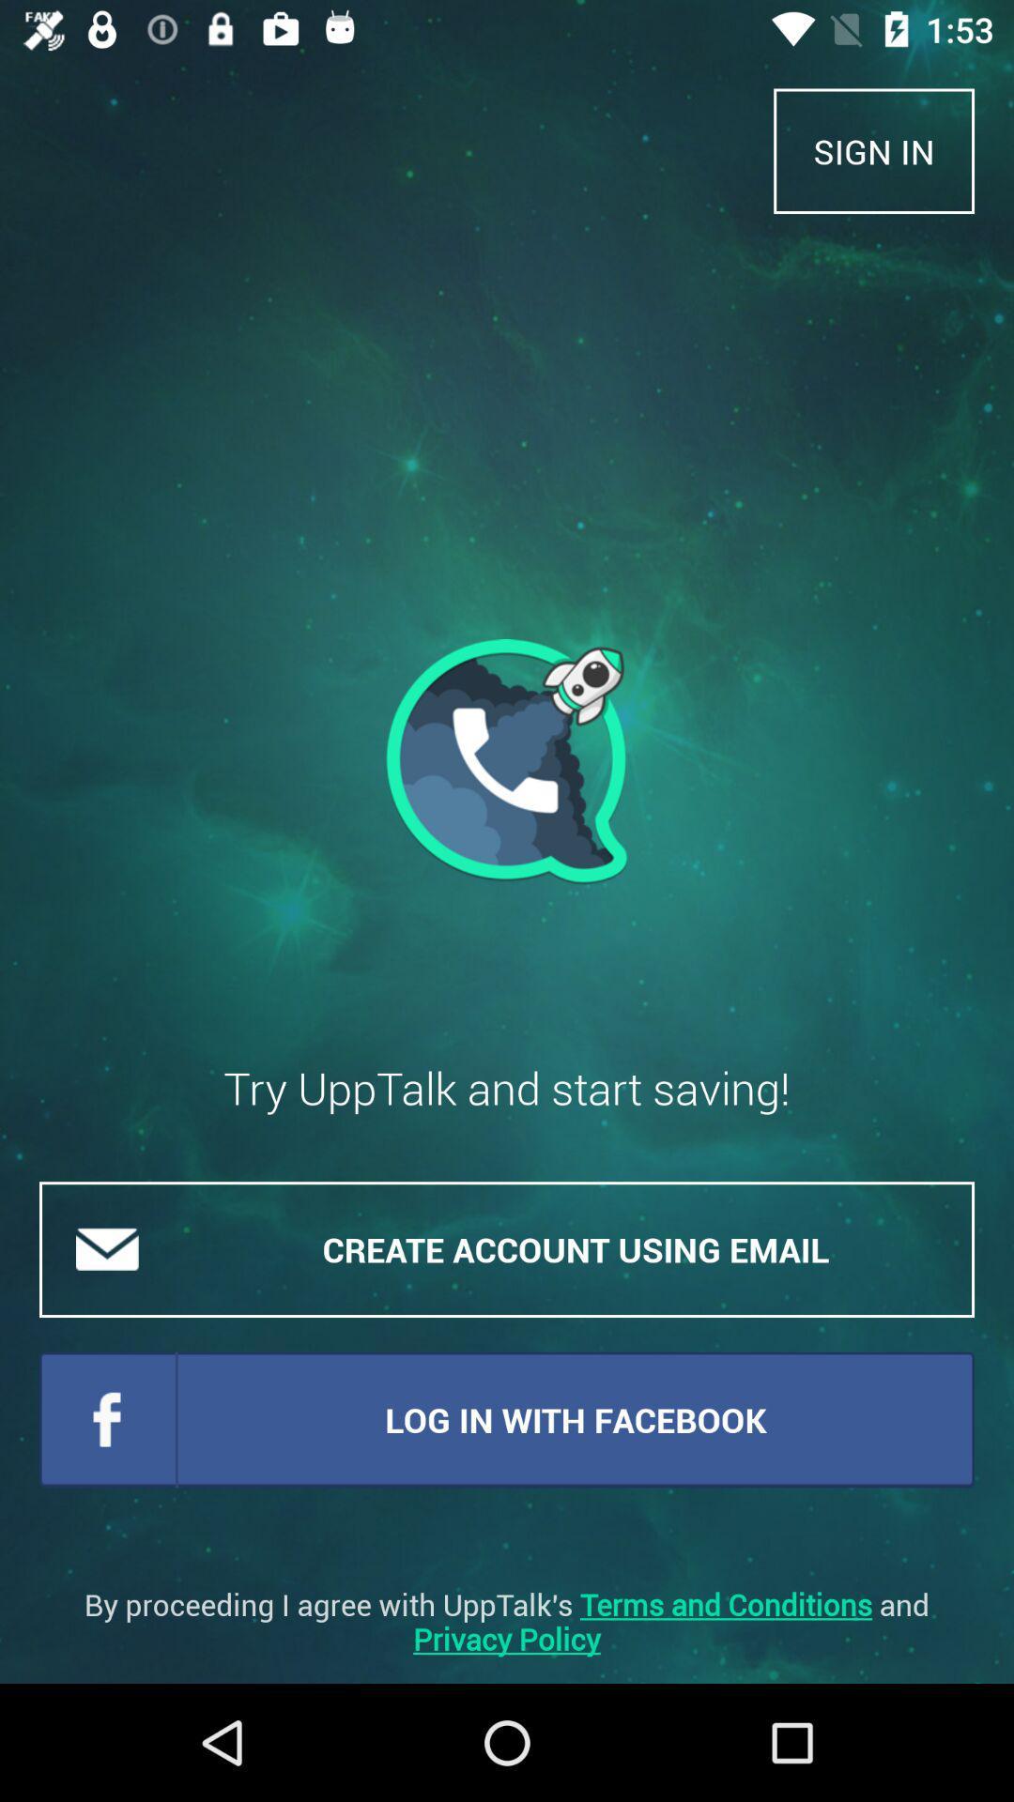 The width and height of the screenshot is (1014, 1802). Describe the element at coordinates (507, 1621) in the screenshot. I see `the by proceeding i item` at that location.